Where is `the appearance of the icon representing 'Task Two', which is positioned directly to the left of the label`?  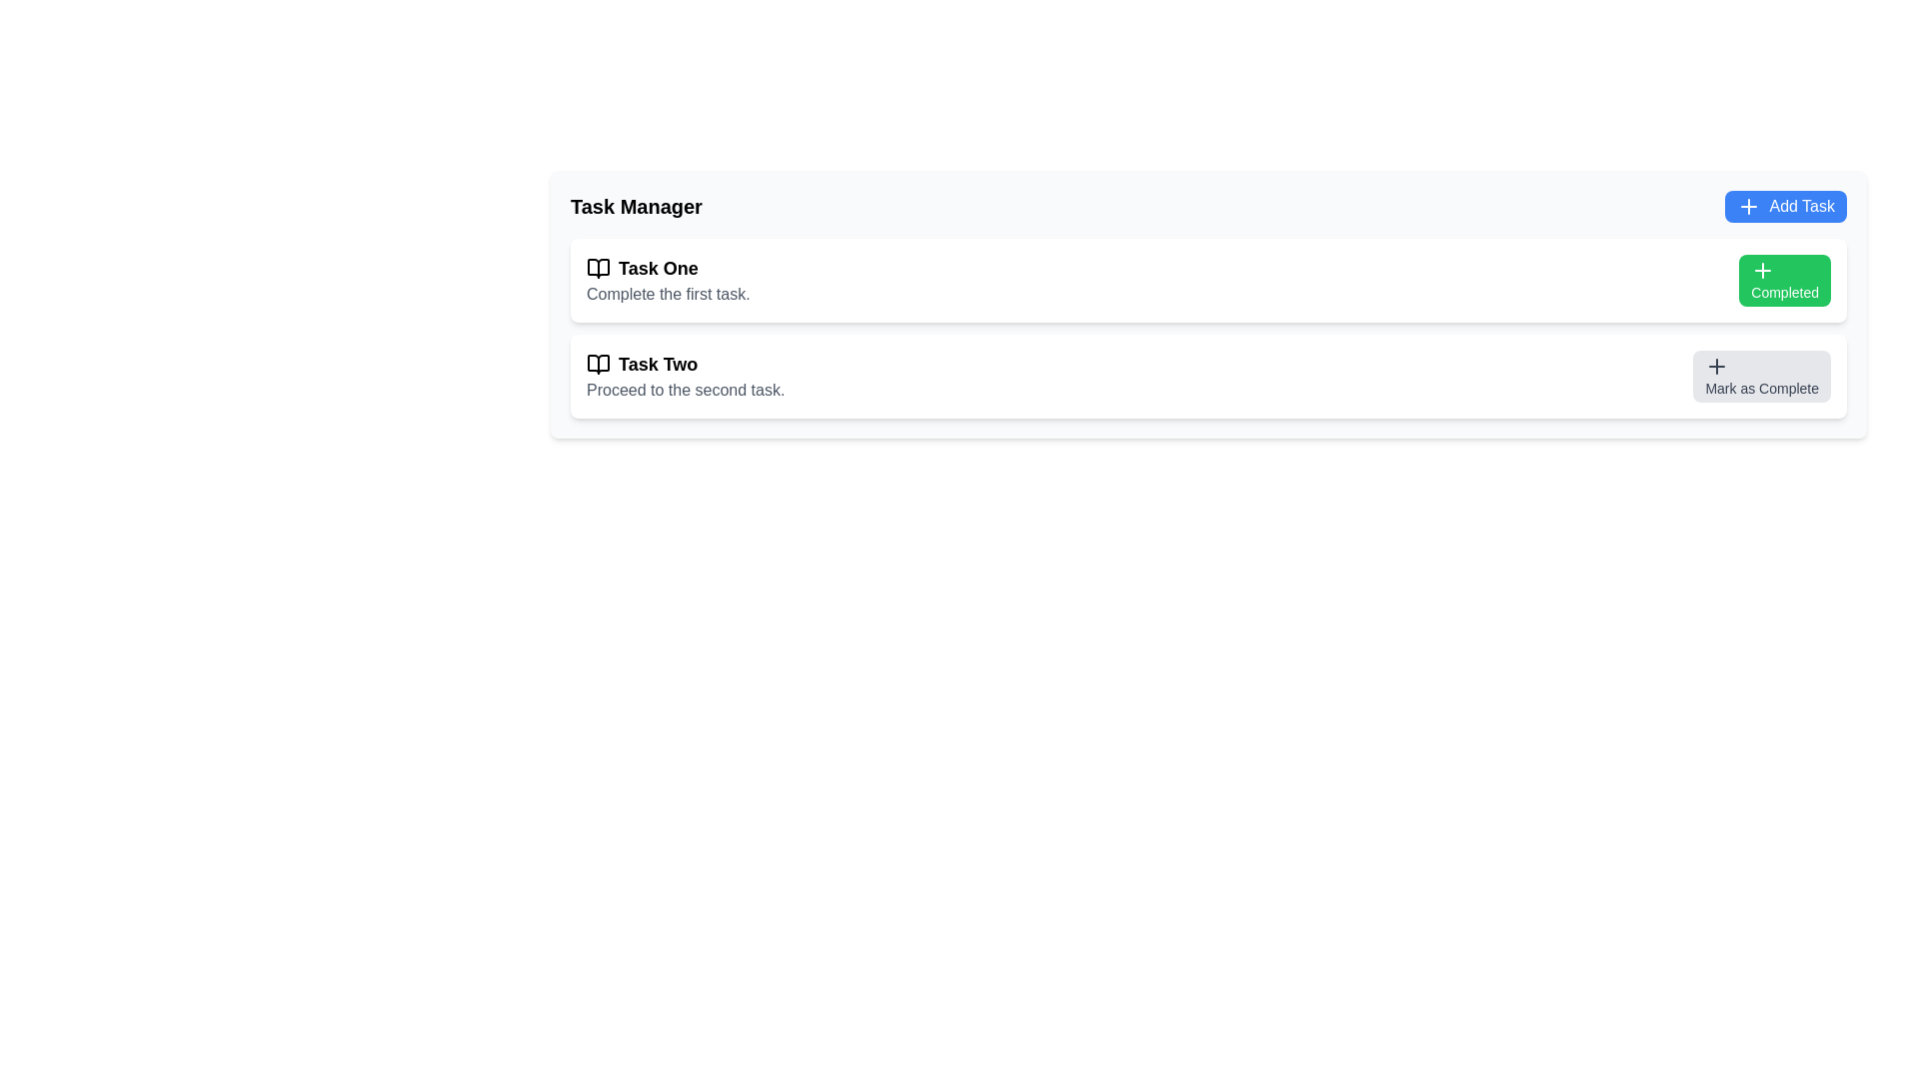 the appearance of the icon representing 'Task Two', which is positioned directly to the left of the label is located at coordinates (598, 365).